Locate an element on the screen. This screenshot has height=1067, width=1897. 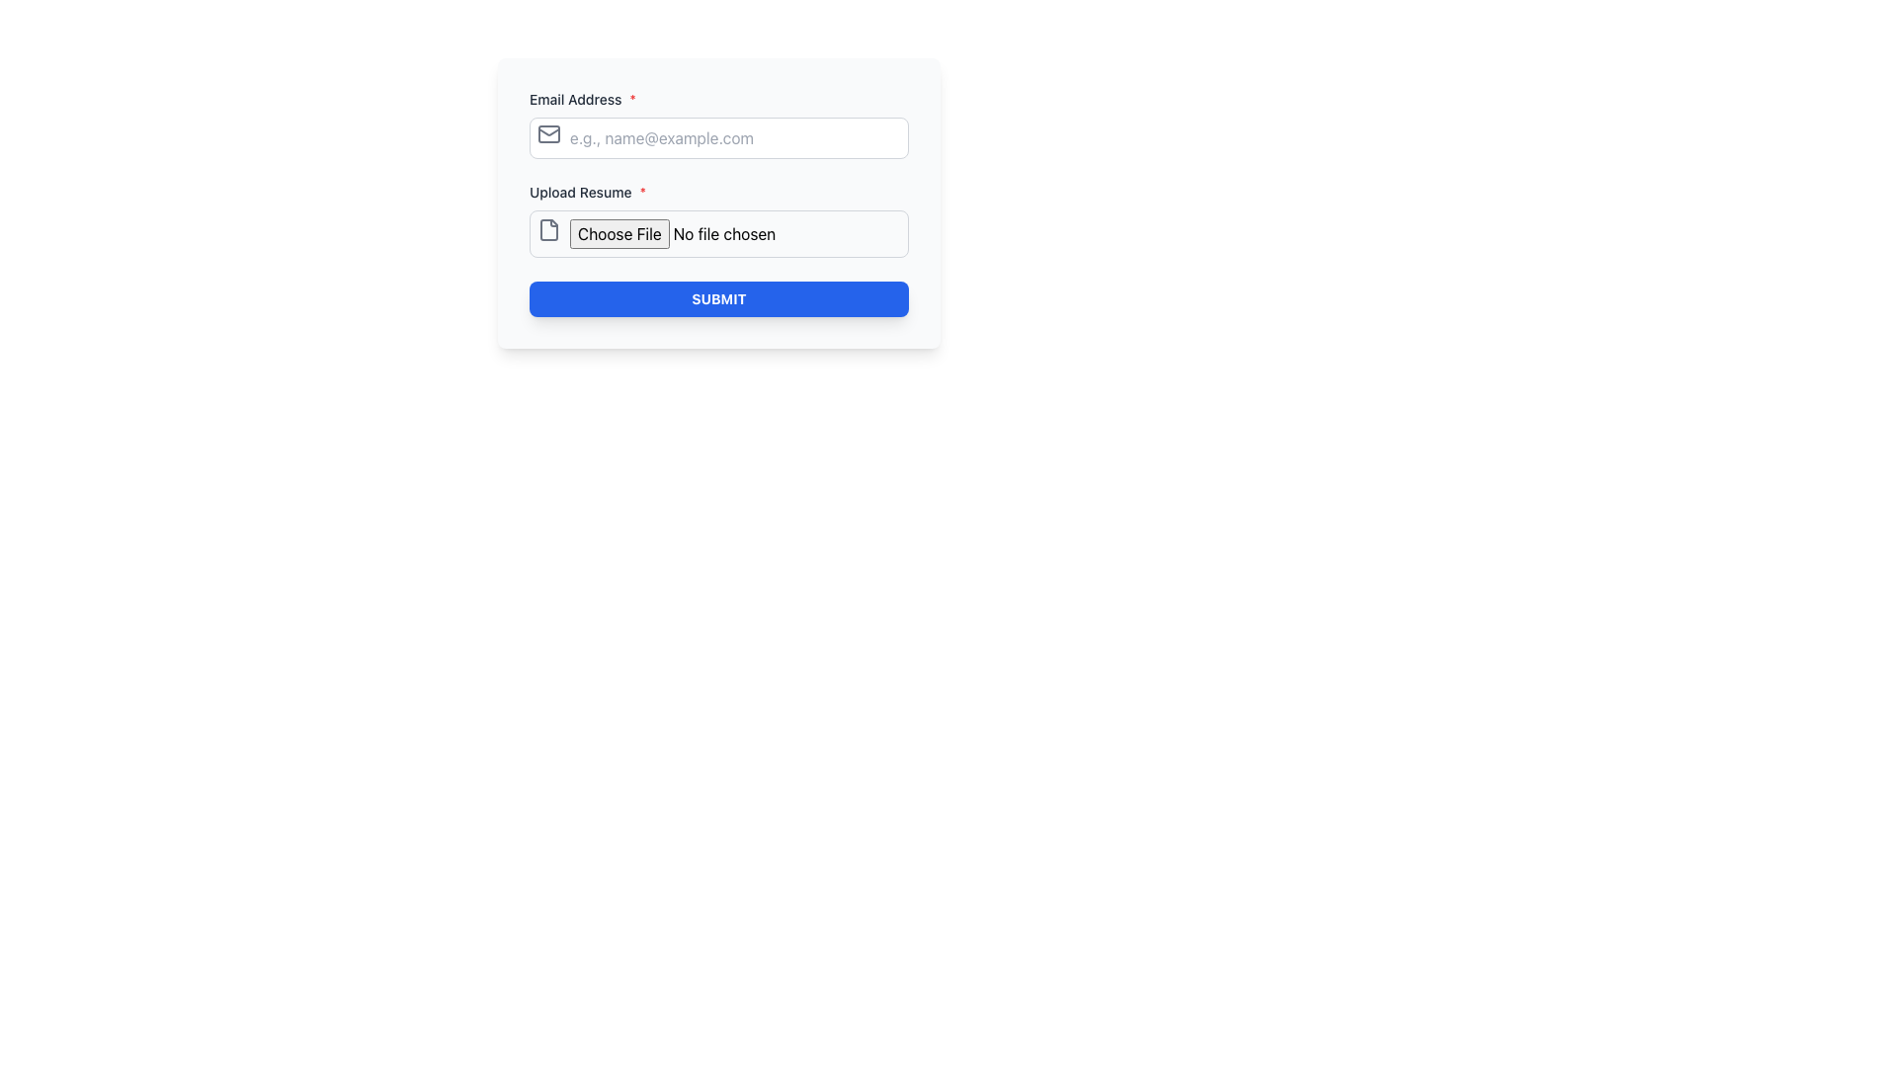
the Decorative Icon located in the 'Upload Resume' section, which is directly to the left of the 'Choose File' input field is located at coordinates (549, 228).